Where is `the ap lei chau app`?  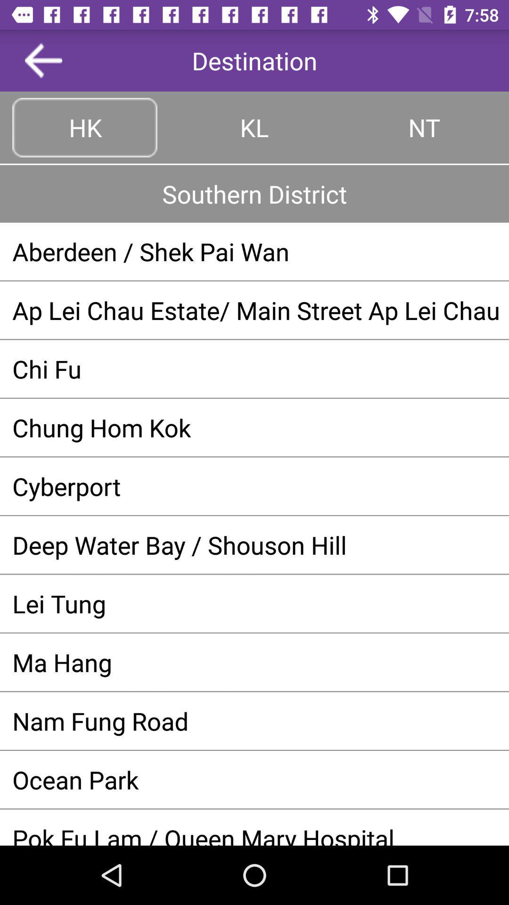
the ap lei chau app is located at coordinates (254, 310).